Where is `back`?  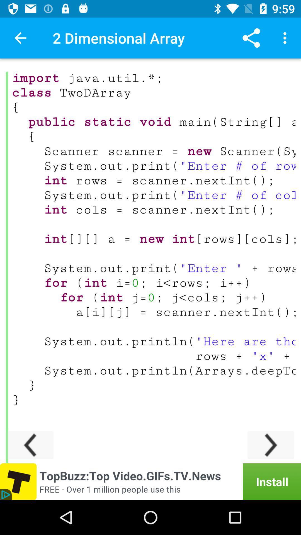 back is located at coordinates (30, 445).